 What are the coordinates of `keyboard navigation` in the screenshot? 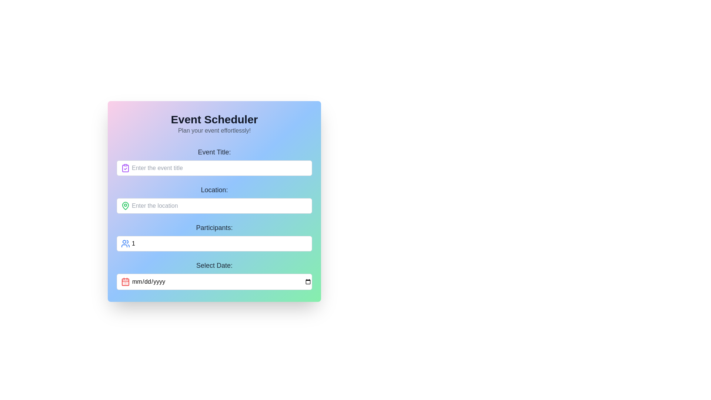 It's located at (214, 244).